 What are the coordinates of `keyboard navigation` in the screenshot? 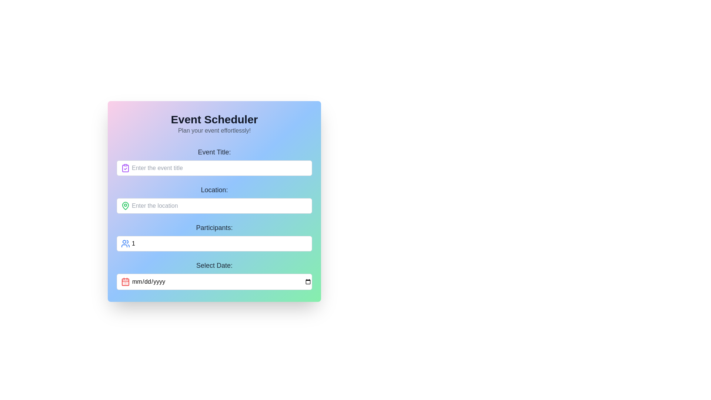 It's located at (214, 244).